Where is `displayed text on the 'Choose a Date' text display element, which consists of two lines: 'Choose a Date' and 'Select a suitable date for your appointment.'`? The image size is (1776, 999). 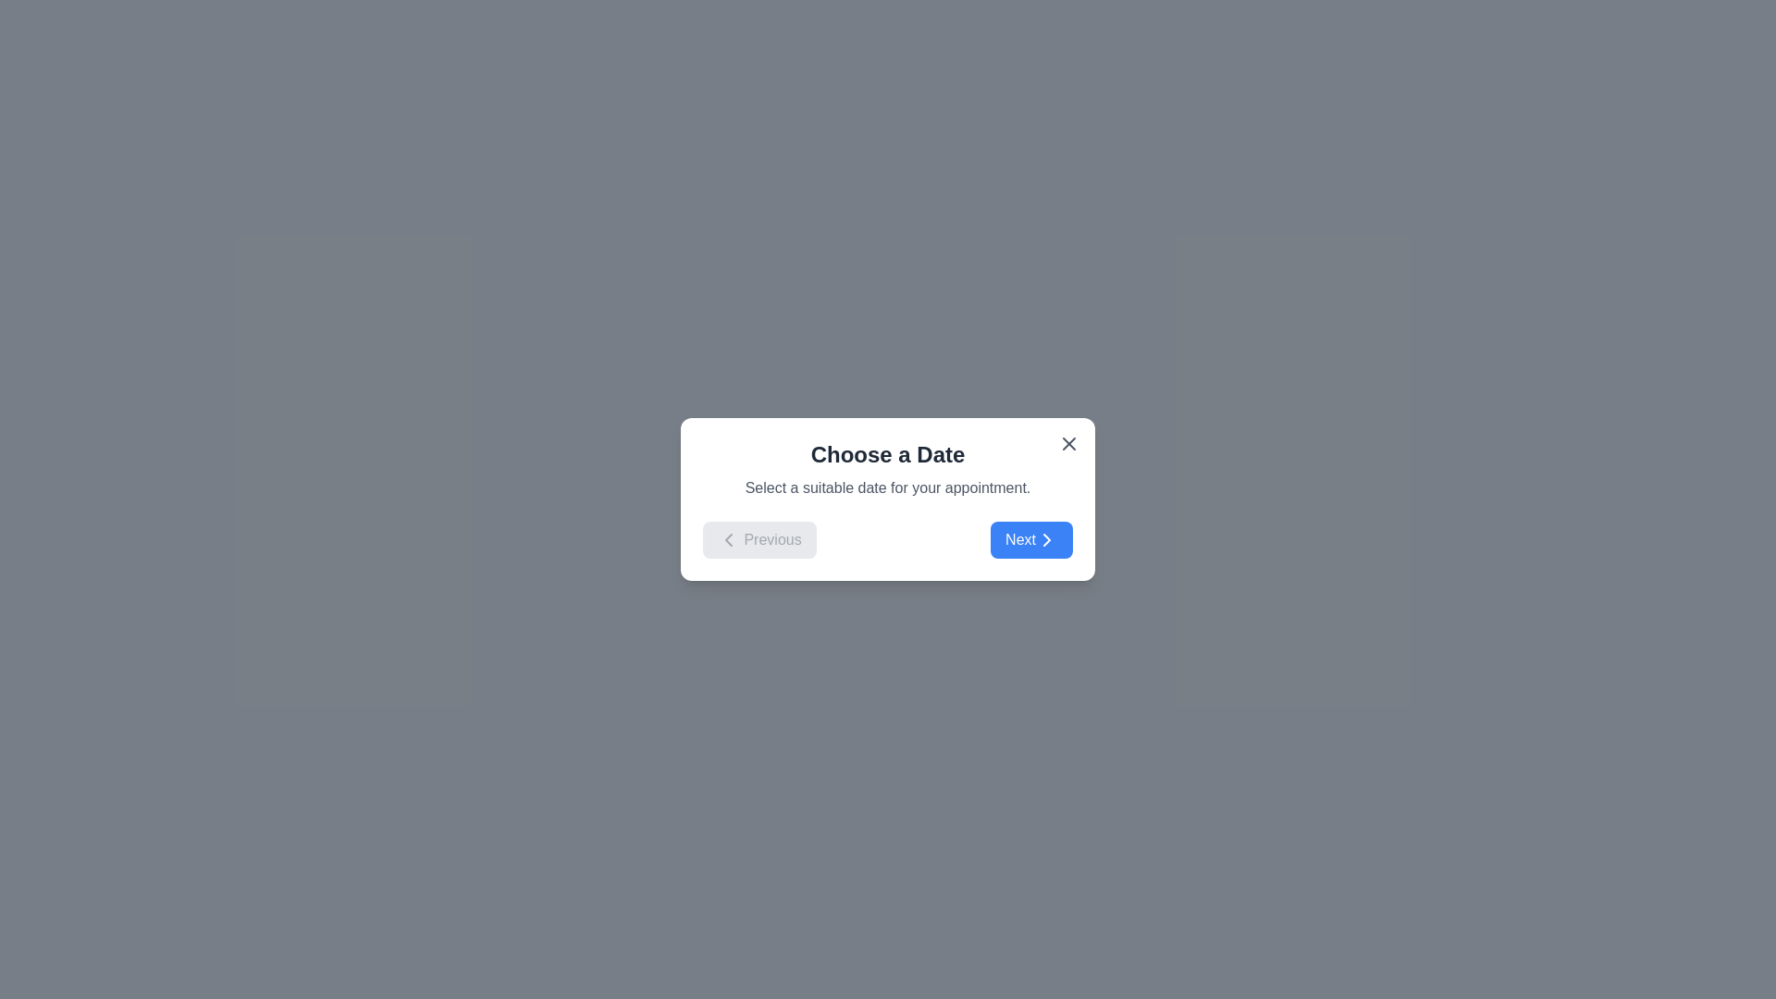 displayed text on the 'Choose a Date' text display element, which consists of two lines: 'Choose a Date' and 'Select a suitable date for your appointment.' is located at coordinates (888, 467).